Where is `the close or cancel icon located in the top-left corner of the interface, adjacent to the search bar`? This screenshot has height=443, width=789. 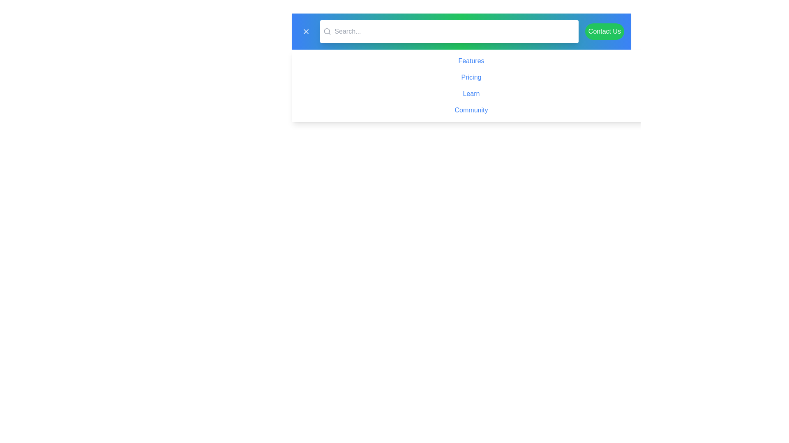
the close or cancel icon located in the top-left corner of the interface, adjacent to the search bar is located at coordinates (305, 31).